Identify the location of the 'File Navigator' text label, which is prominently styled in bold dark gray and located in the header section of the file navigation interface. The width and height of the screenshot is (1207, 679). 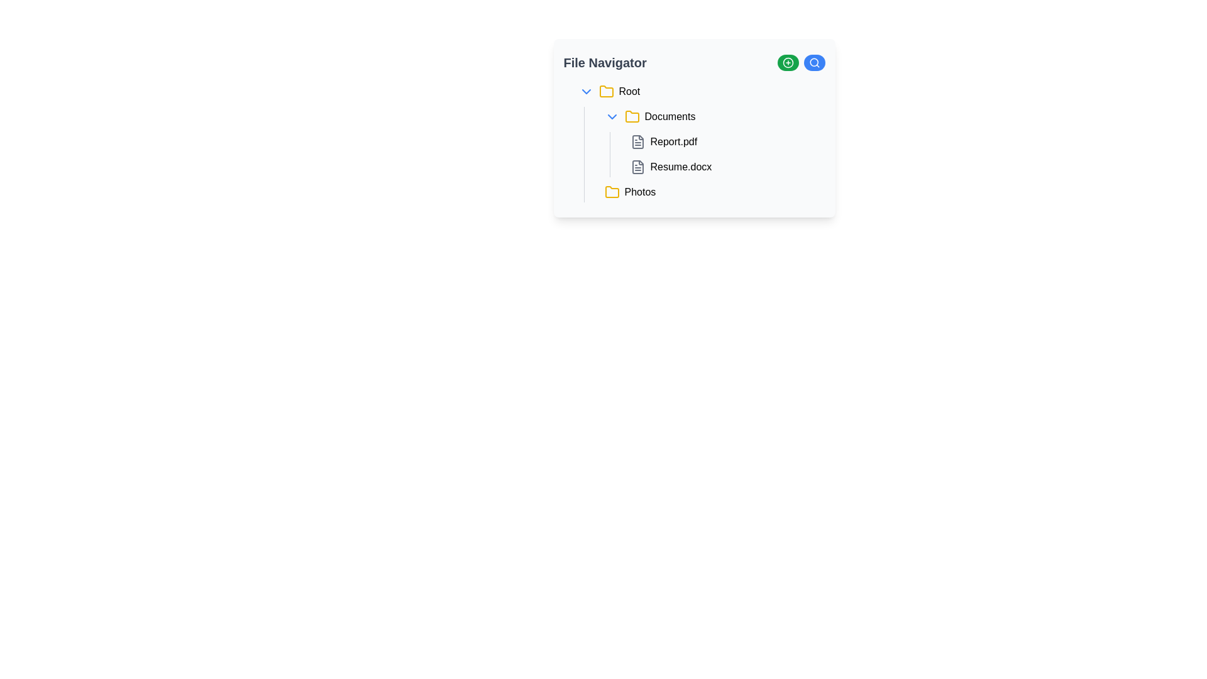
(605, 63).